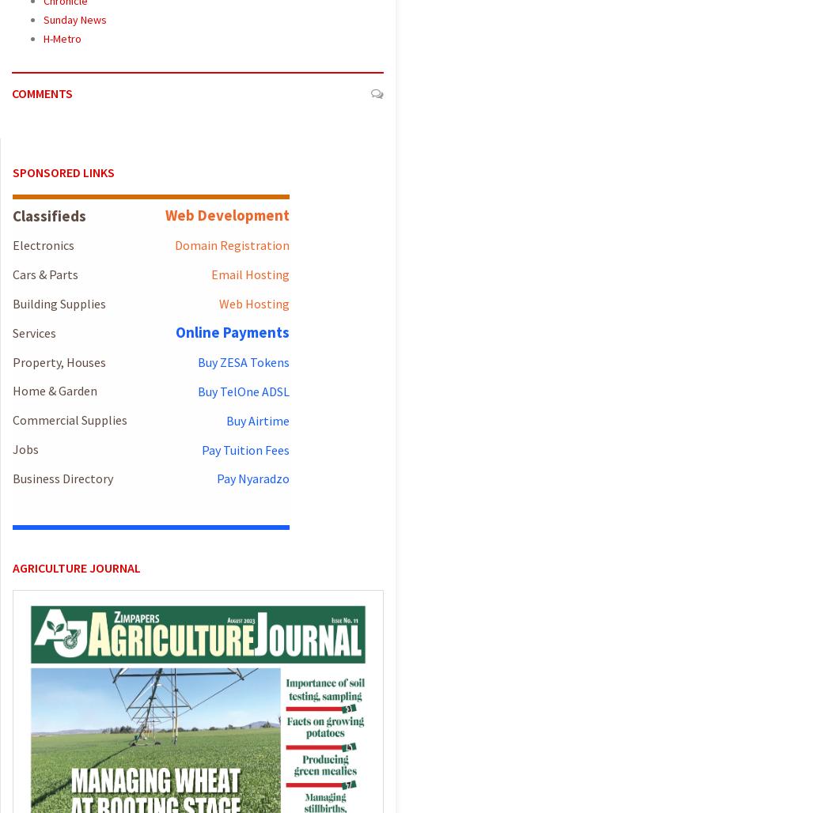 Image resolution: width=826 pixels, height=813 pixels. What do you see at coordinates (48, 215) in the screenshot?
I see `'Classifieds'` at bounding box center [48, 215].